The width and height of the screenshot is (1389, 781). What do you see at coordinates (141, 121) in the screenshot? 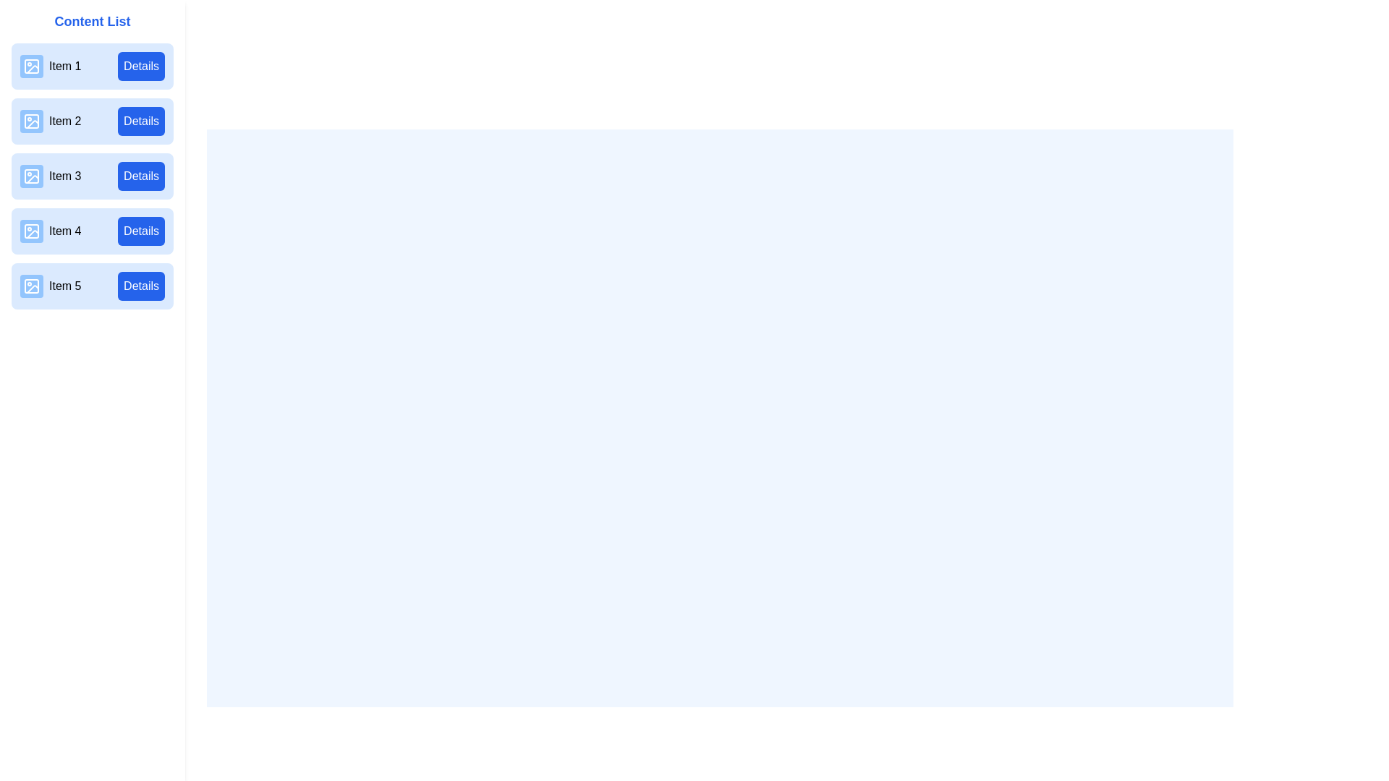
I see `the blue rectangular button with white 'Details' text, which is located to the right of 'Item 2' in the second row of the list` at bounding box center [141, 121].